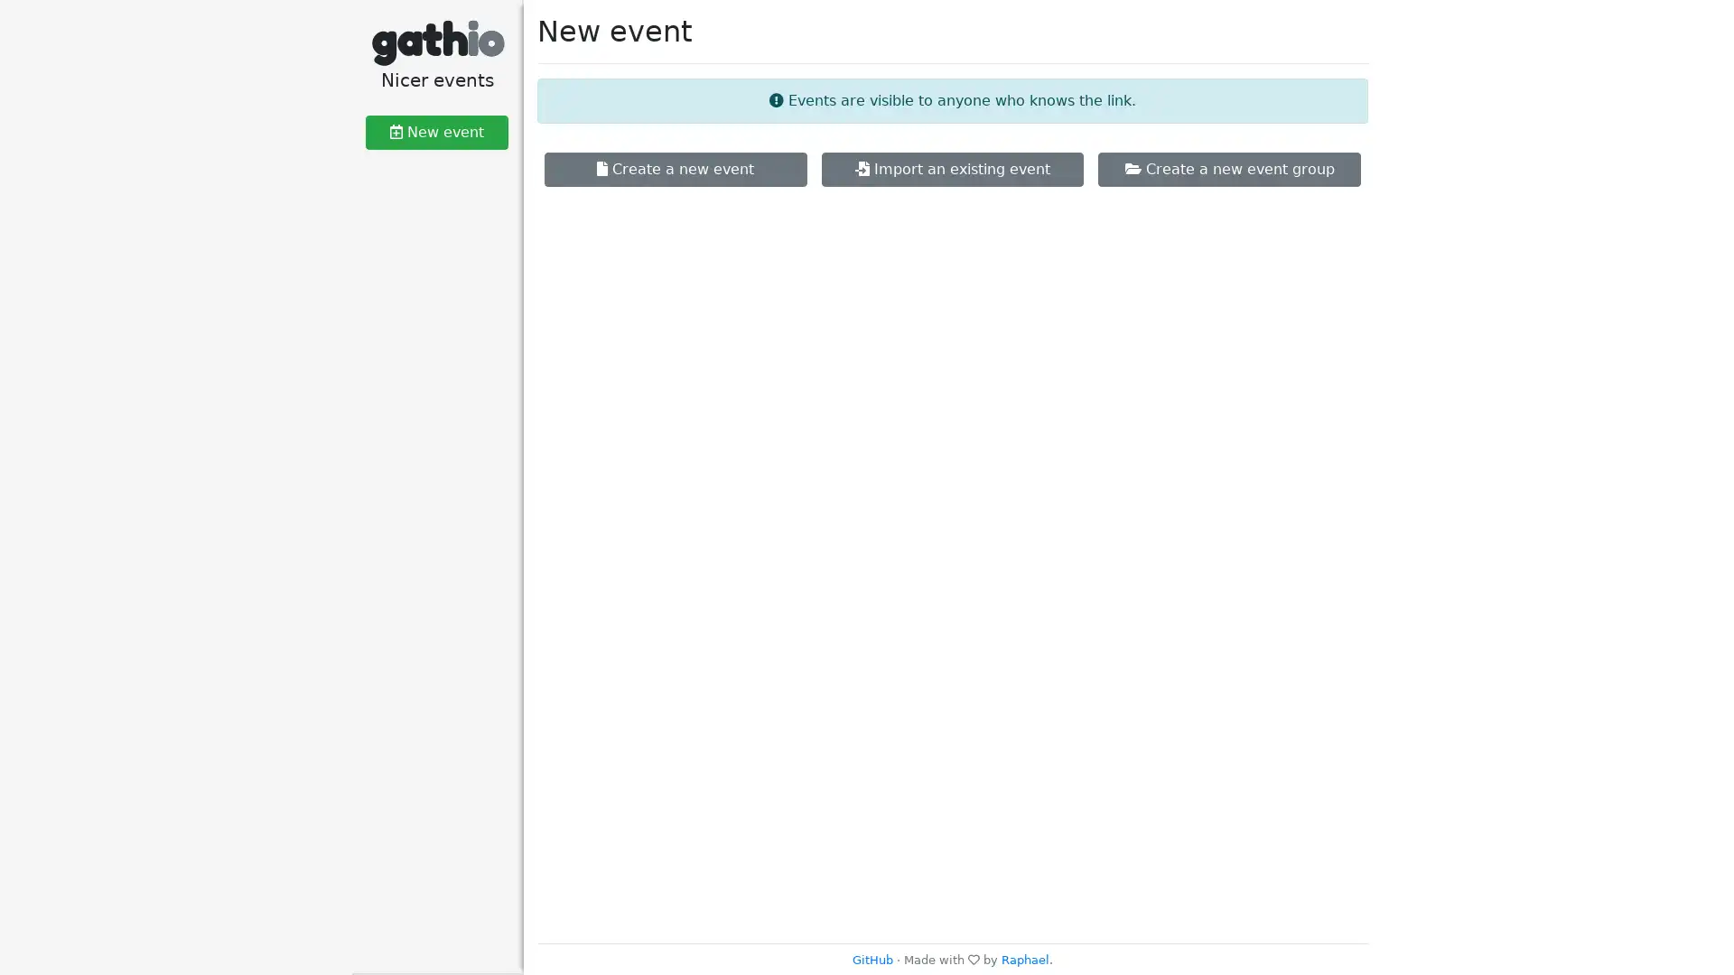 Image resolution: width=1734 pixels, height=975 pixels. I want to click on Create a new event group, so click(1228, 170).